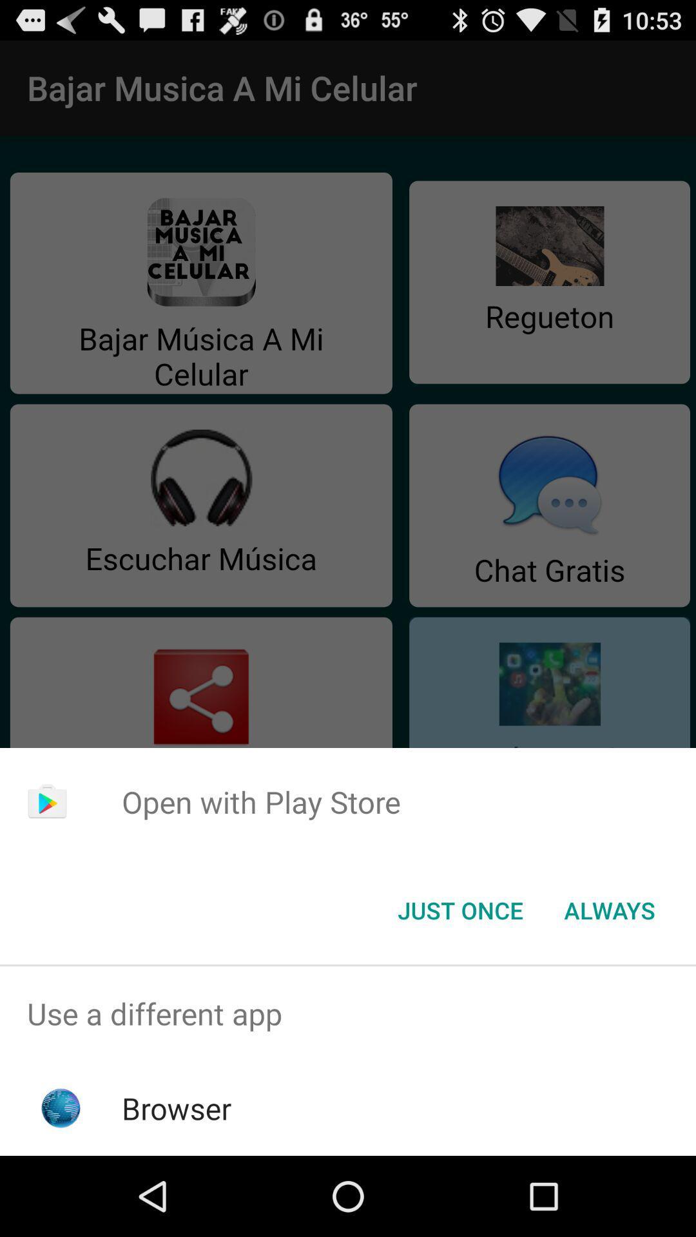 The image size is (696, 1237). What do you see at coordinates (459, 909) in the screenshot?
I see `the just once button` at bounding box center [459, 909].